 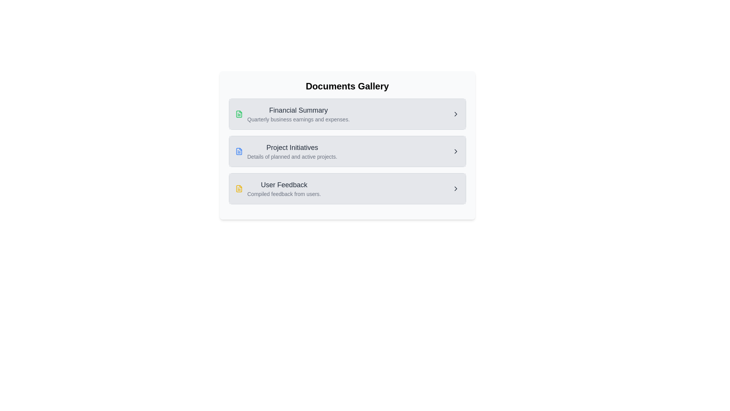 I want to click on the chevron-right icon styled in gray, located to the right of the 'Project Initiatives' section, so click(x=455, y=151).